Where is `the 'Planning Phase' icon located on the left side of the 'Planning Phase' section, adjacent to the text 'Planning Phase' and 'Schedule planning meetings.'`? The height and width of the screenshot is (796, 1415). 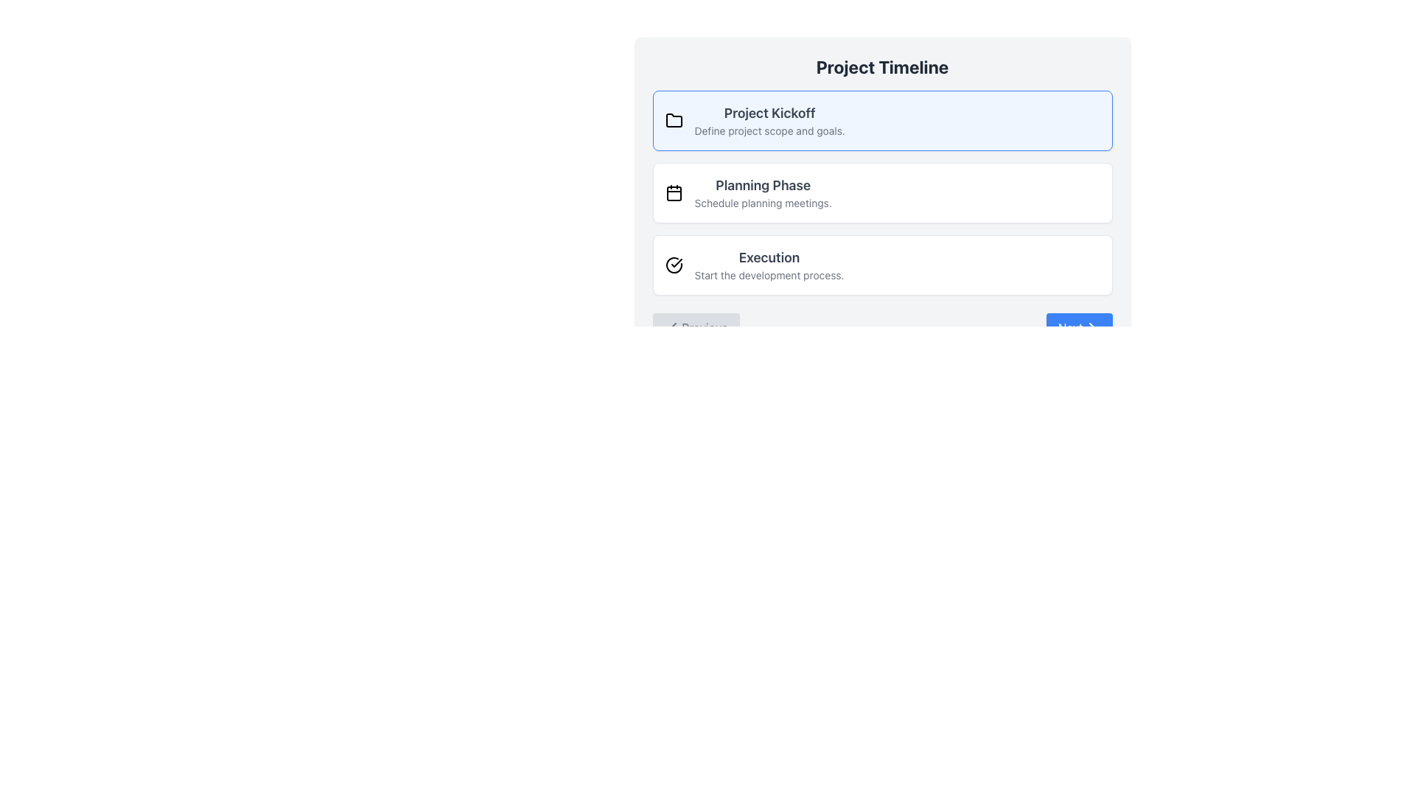
the 'Planning Phase' icon located on the left side of the 'Planning Phase' section, adjacent to the text 'Planning Phase' and 'Schedule planning meetings.' is located at coordinates (673, 192).